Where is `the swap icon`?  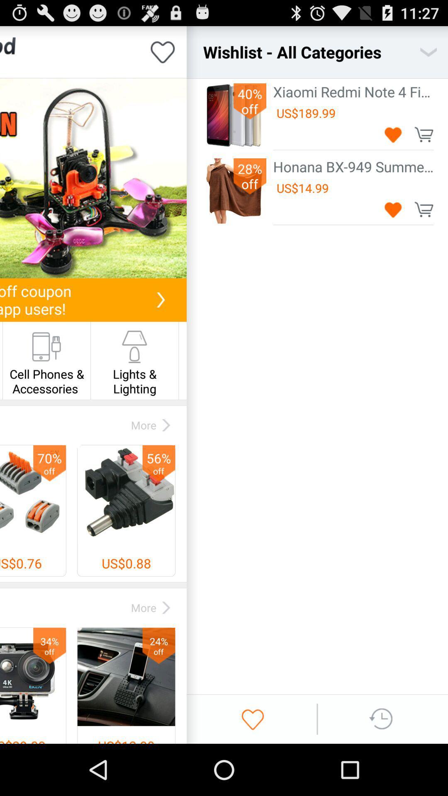
the swap icon is located at coordinates (382, 769).